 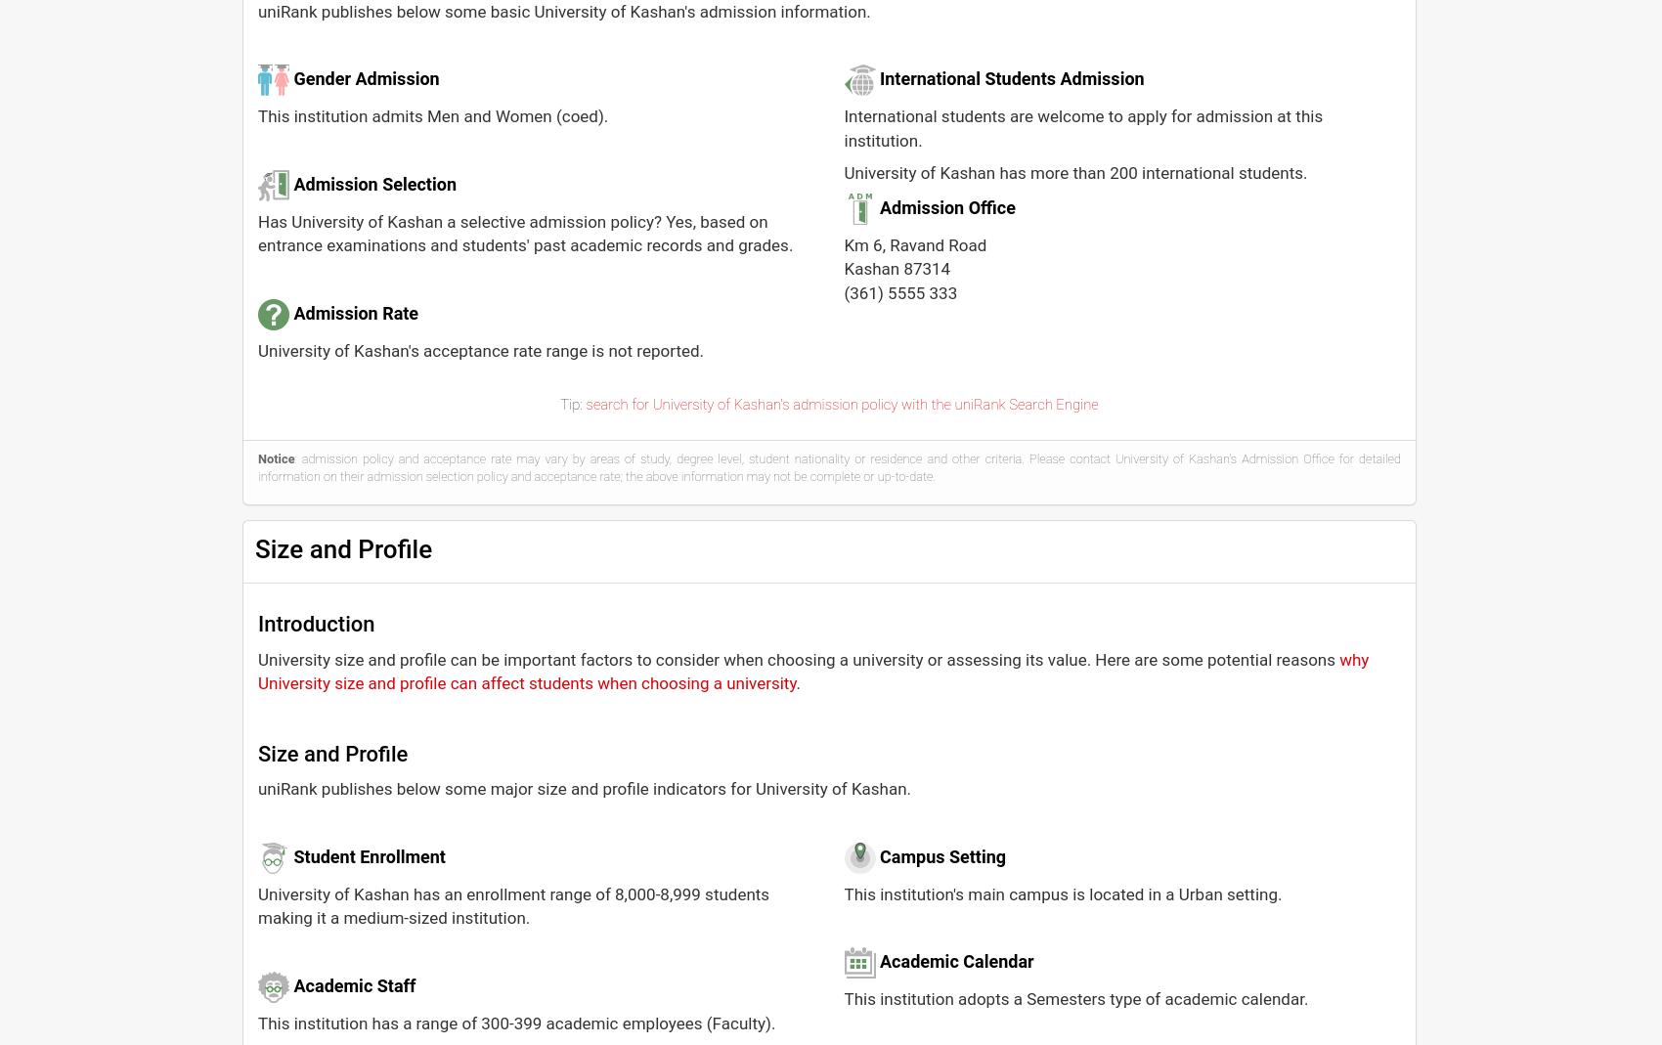 I want to click on '(361) 5555 333', so click(x=900, y=290).